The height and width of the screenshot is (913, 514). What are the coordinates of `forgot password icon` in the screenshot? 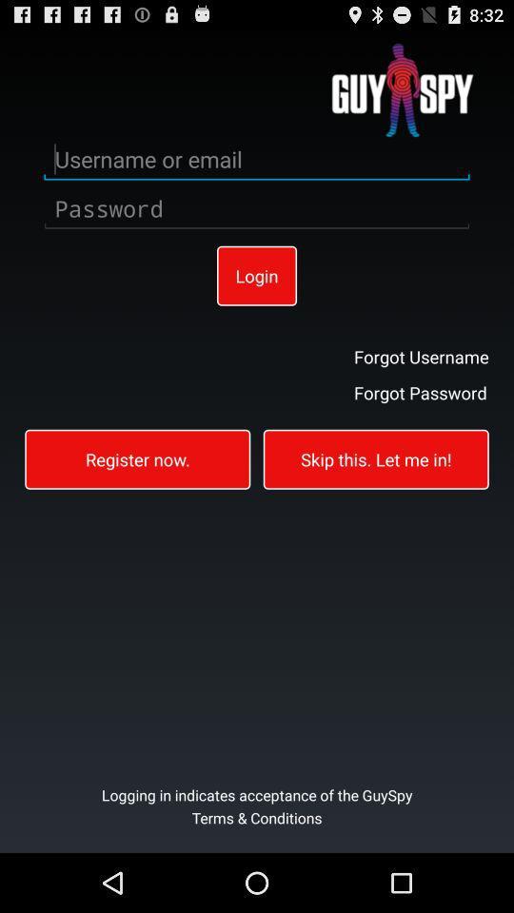 It's located at (421, 391).